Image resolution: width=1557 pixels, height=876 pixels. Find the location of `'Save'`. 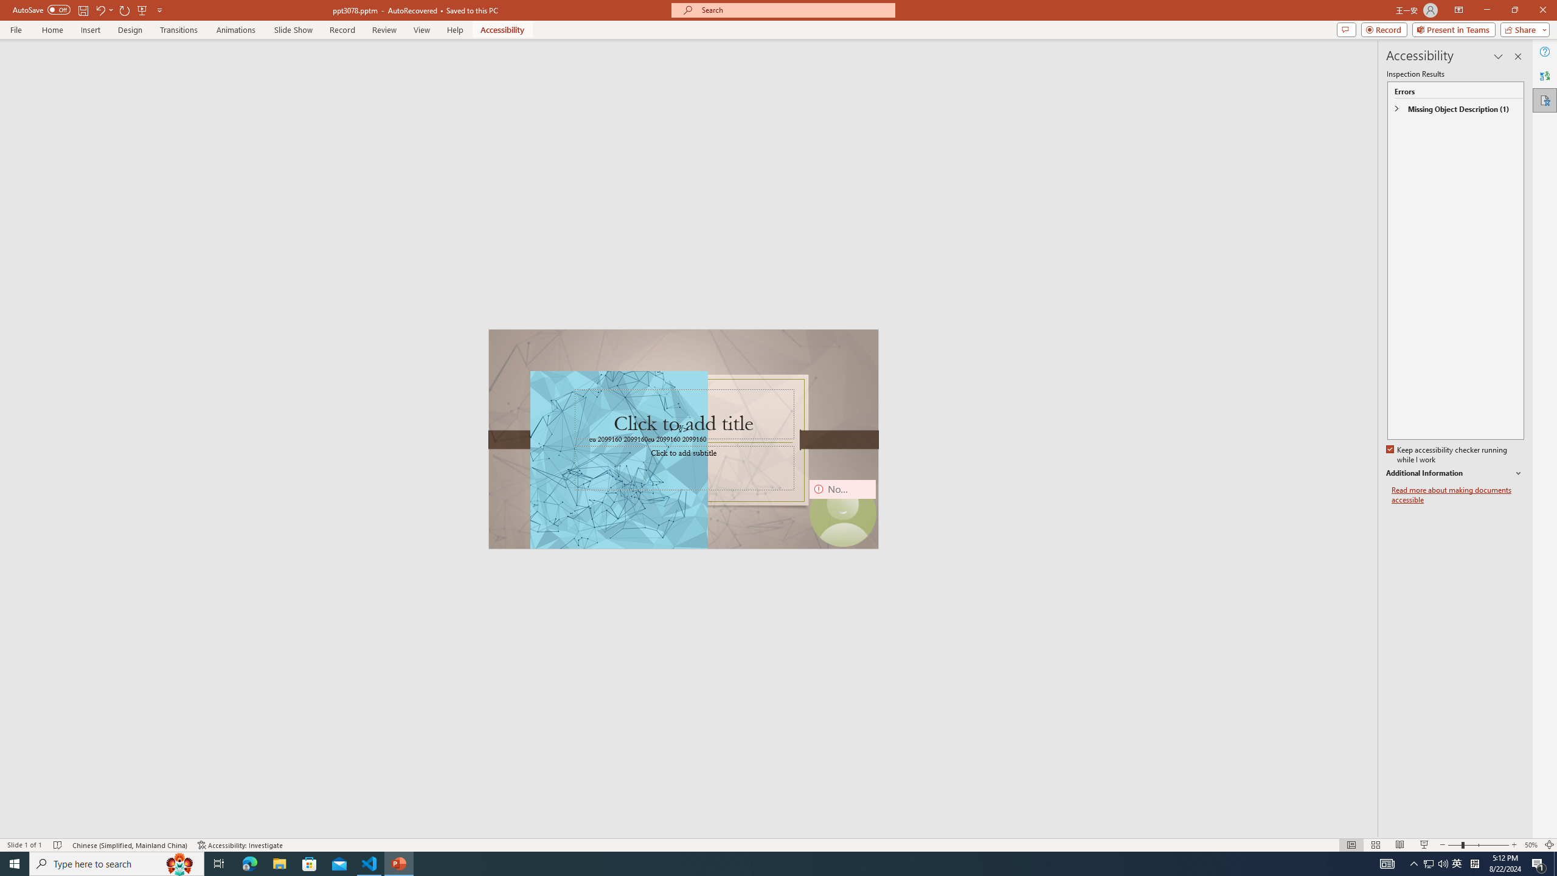

'Save' is located at coordinates (82, 9).